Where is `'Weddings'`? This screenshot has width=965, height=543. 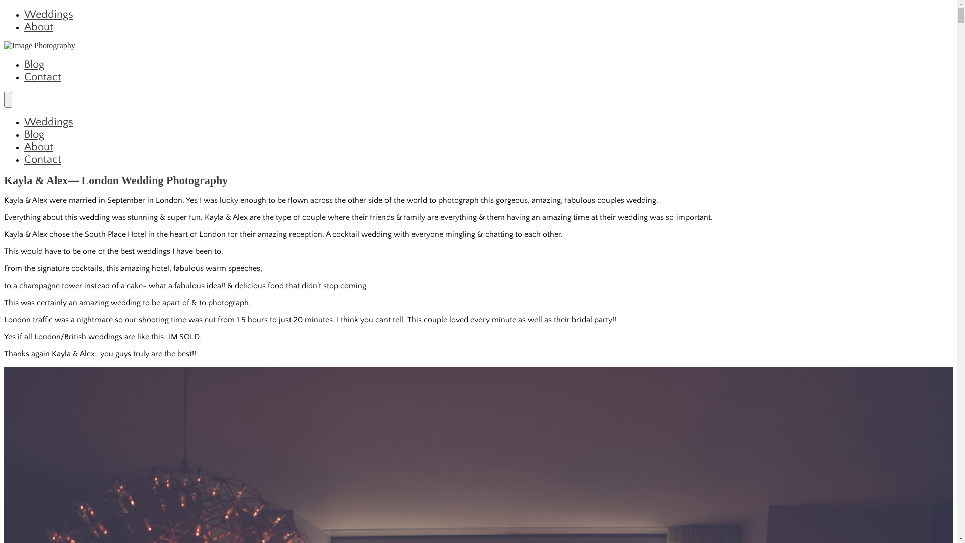 'Weddings' is located at coordinates (48, 121).